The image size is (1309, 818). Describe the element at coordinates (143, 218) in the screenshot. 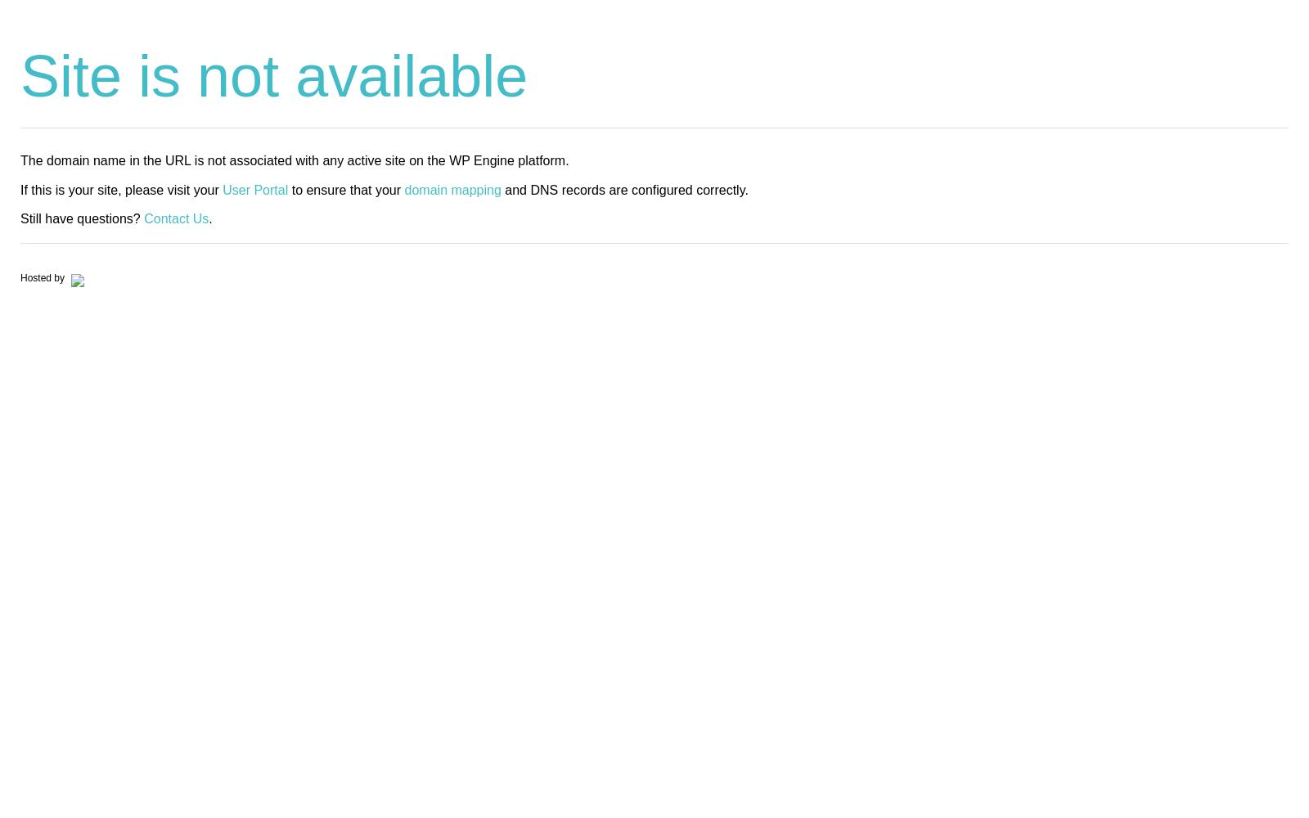

I see `'Contact Us'` at that location.